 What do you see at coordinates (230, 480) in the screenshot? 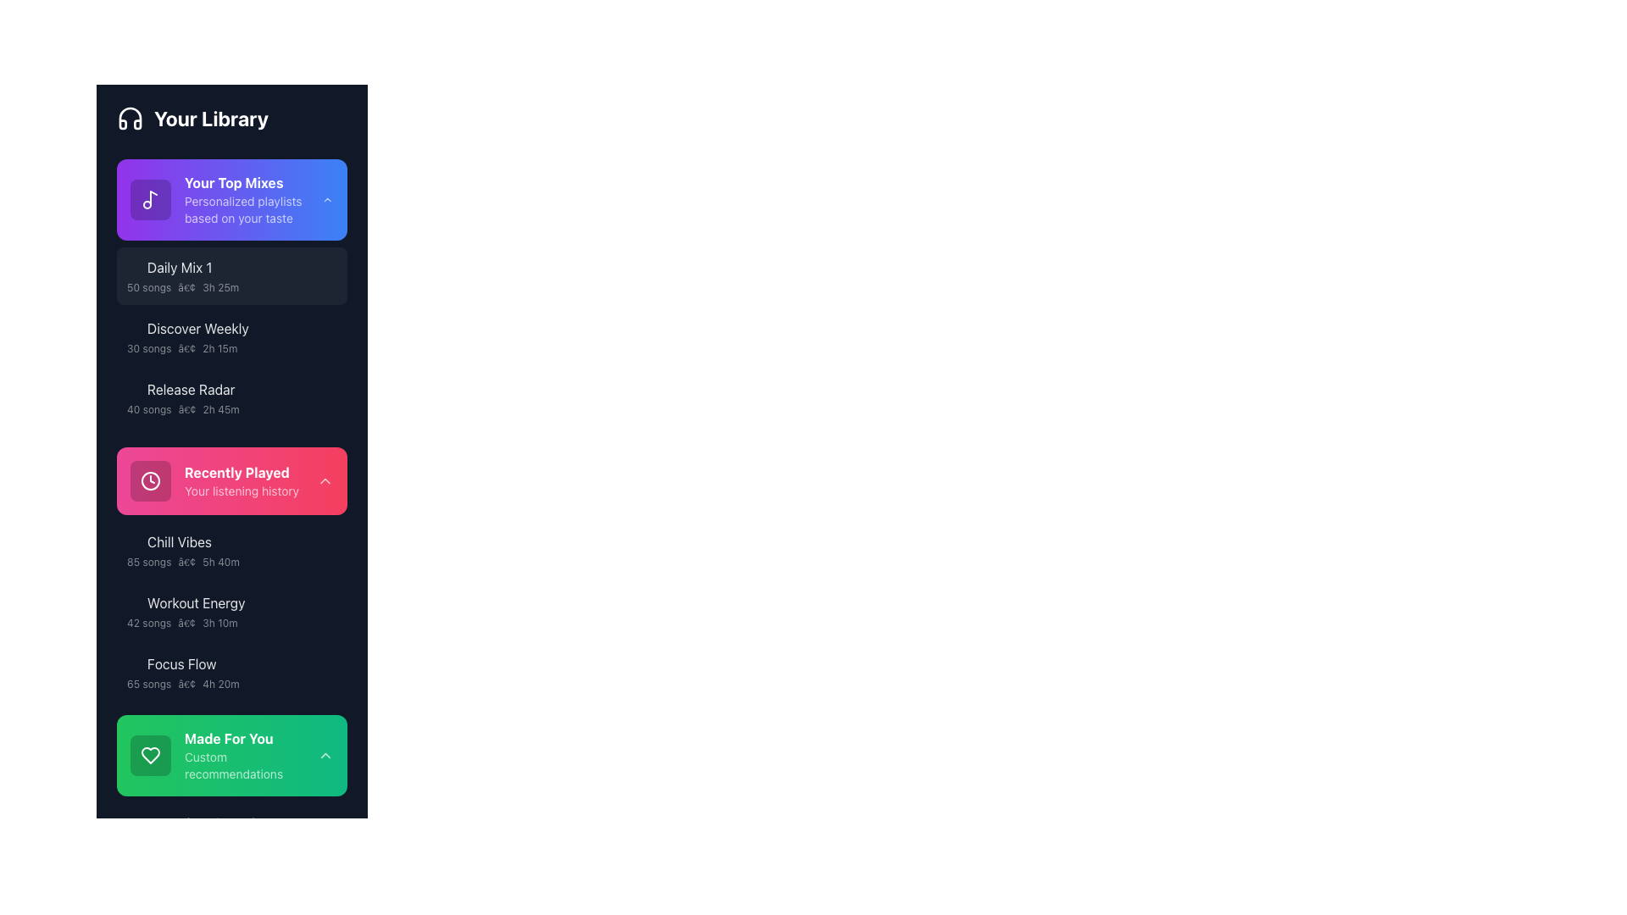
I see `the 'Recently Played' interactive card, which is the fifth card in the vertical list` at bounding box center [230, 480].